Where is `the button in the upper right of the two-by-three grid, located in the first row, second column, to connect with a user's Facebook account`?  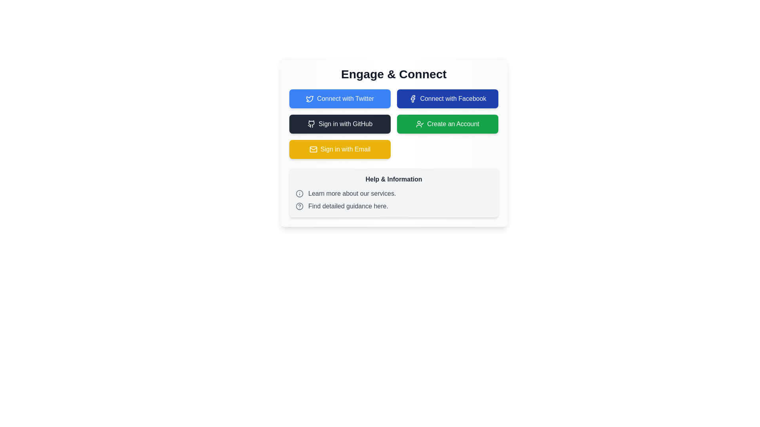
the button in the upper right of the two-by-three grid, located in the first row, second column, to connect with a user's Facebook account is located at coordinates (448, 98).